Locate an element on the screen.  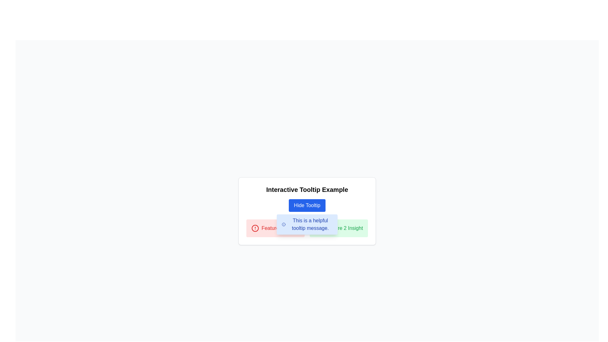
the blue rectangular button with rounded corners labeled 'Hide Tooltip' to hide the tooltip message is located at coordinates (307, 205).